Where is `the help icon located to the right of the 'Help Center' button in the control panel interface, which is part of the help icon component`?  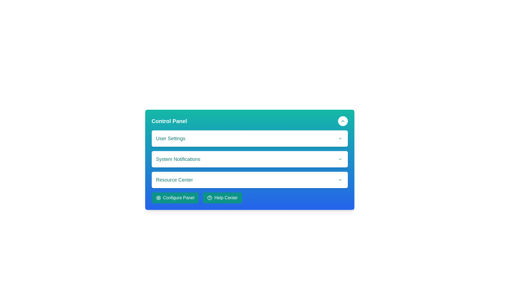 the help icon located to the right of the 'Help Center' button in the control panel interface, which is part of the help icon component is located at coordinates (209, 198).